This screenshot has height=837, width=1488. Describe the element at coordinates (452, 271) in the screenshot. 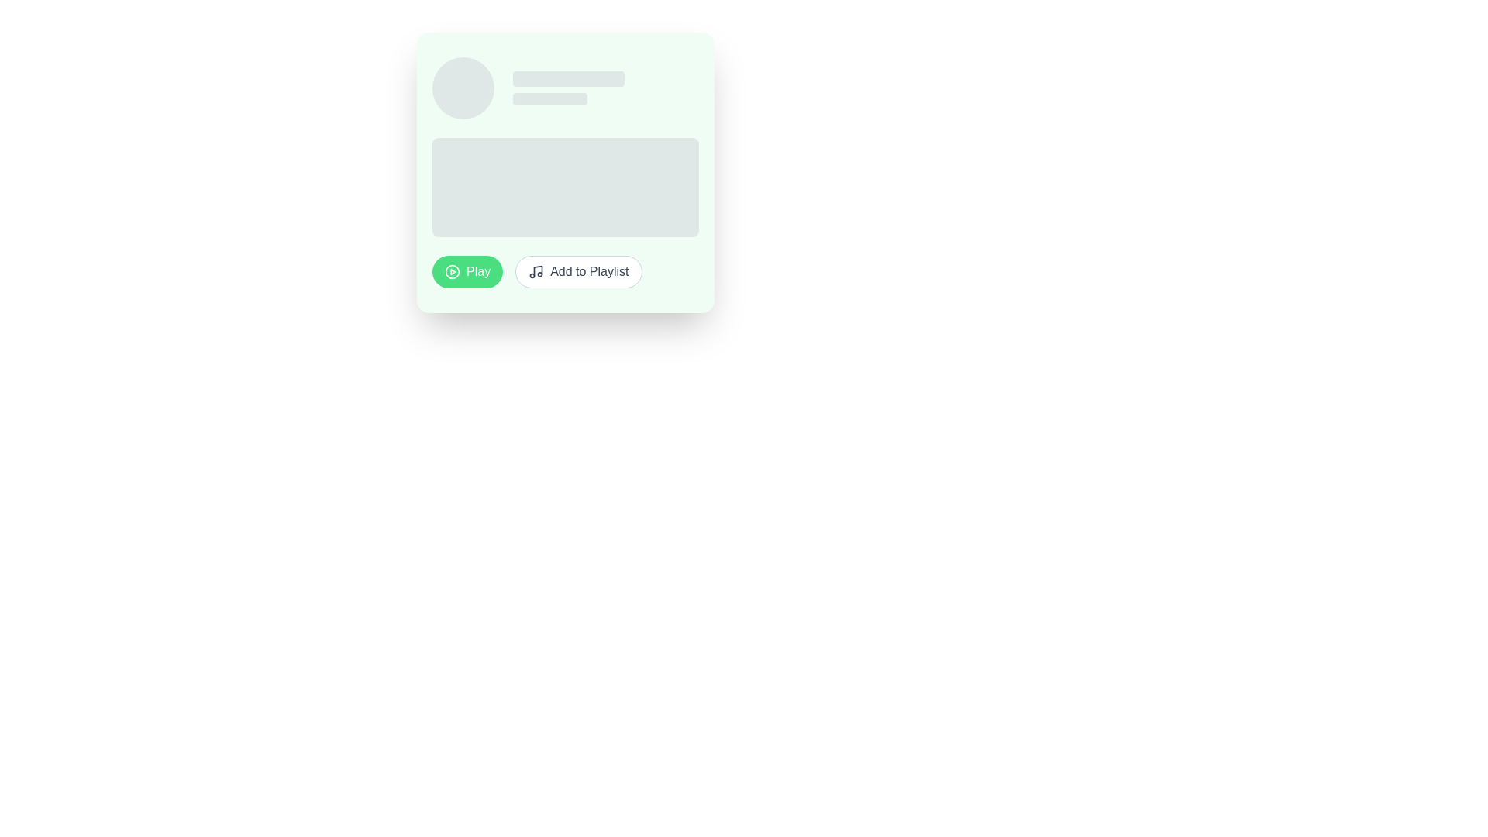

I see `the visual style of the circular border within the green 'Play' button, which is positioned centrally and below the main card content` at that location.